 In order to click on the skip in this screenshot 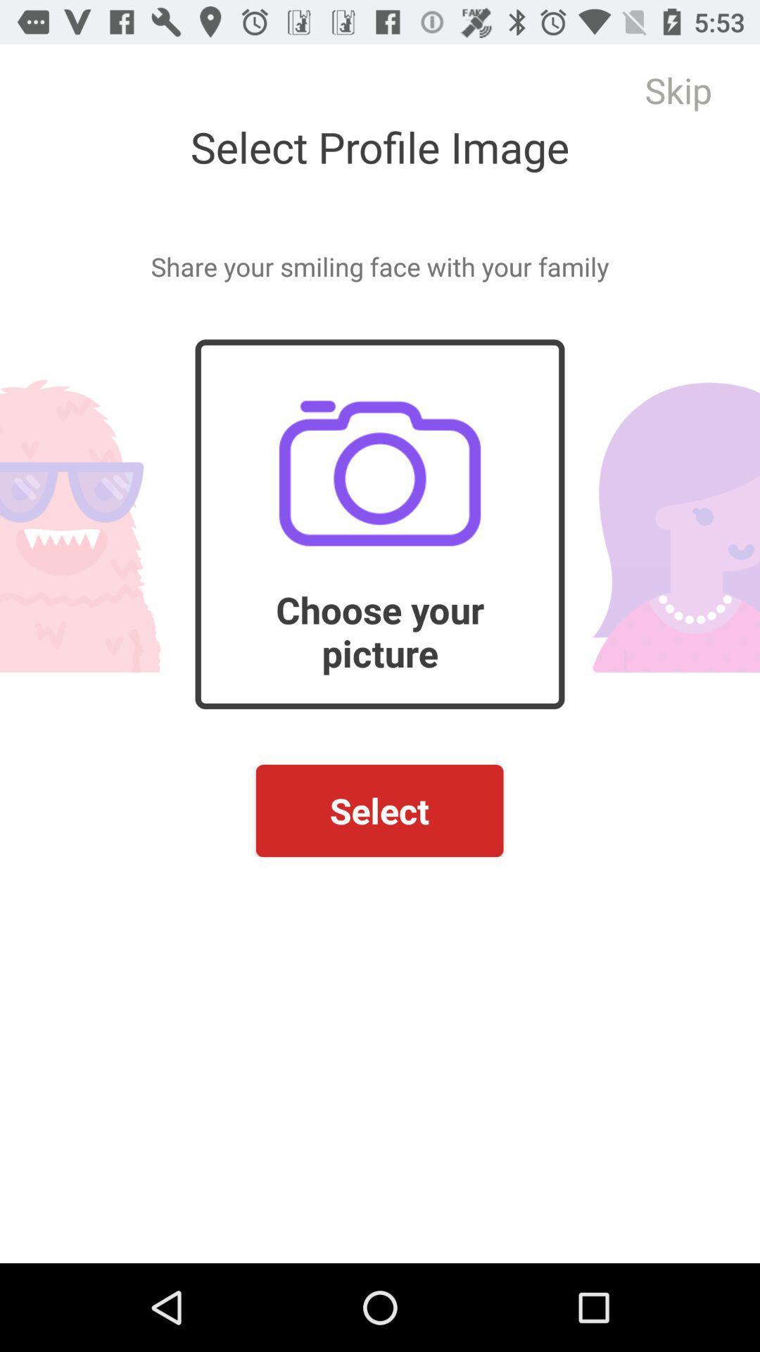, I will do `click(678, 89)`.